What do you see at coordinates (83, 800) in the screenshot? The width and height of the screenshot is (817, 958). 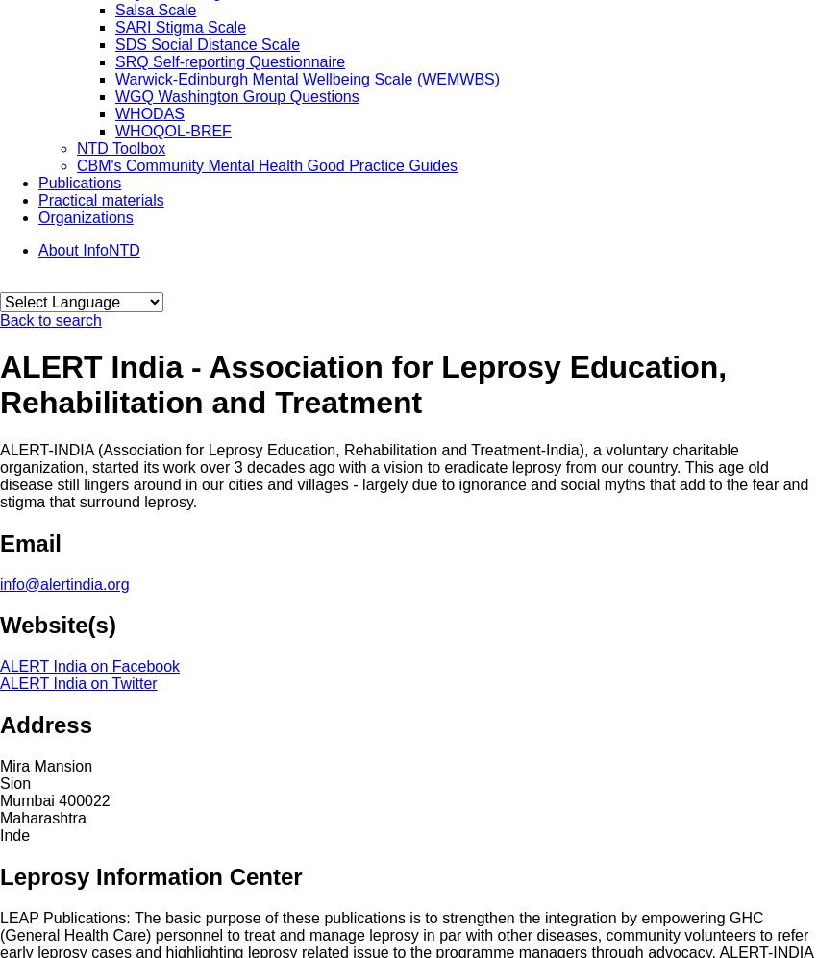 I see `'400022'` at bounding box center [83, 800].